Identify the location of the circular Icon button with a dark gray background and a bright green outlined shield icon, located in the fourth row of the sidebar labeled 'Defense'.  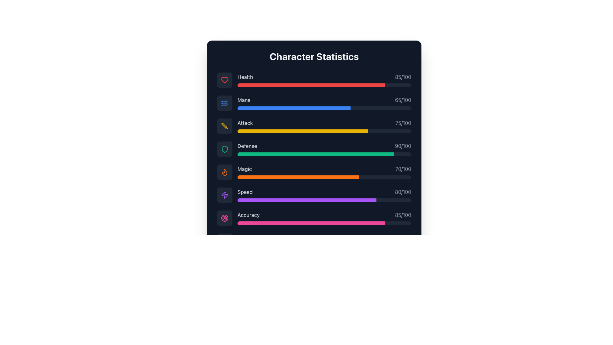
(225, 149).